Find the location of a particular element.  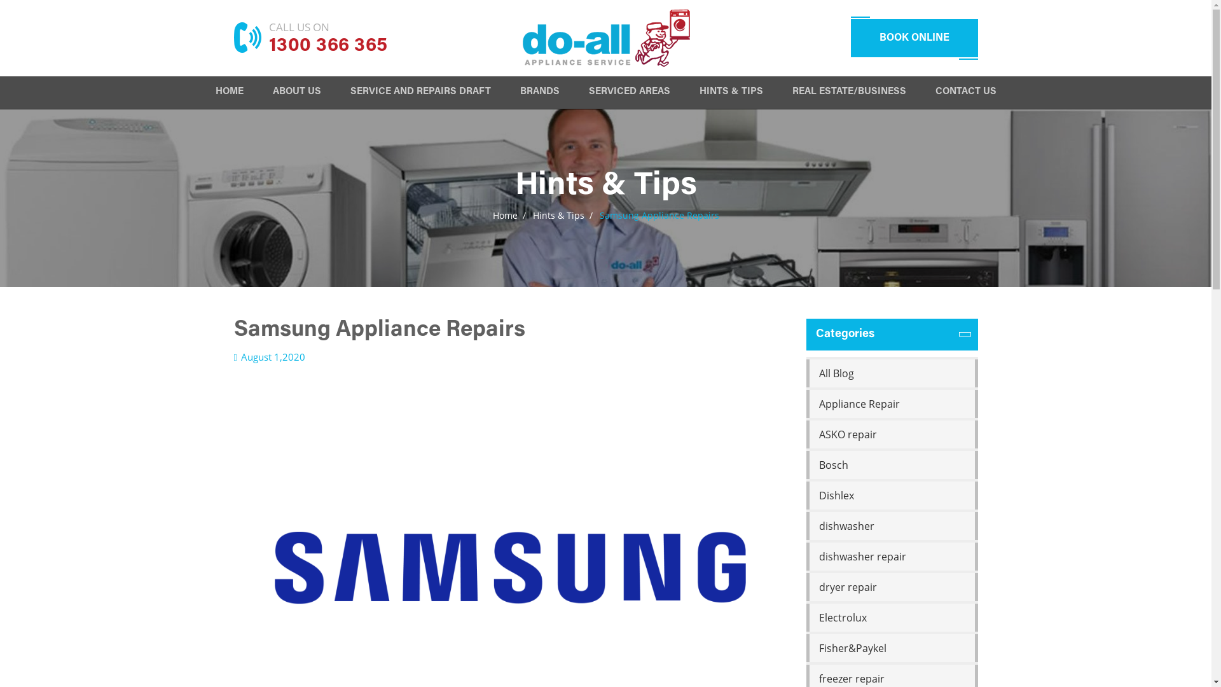

'HOME' is located at coordinates (229, 93).